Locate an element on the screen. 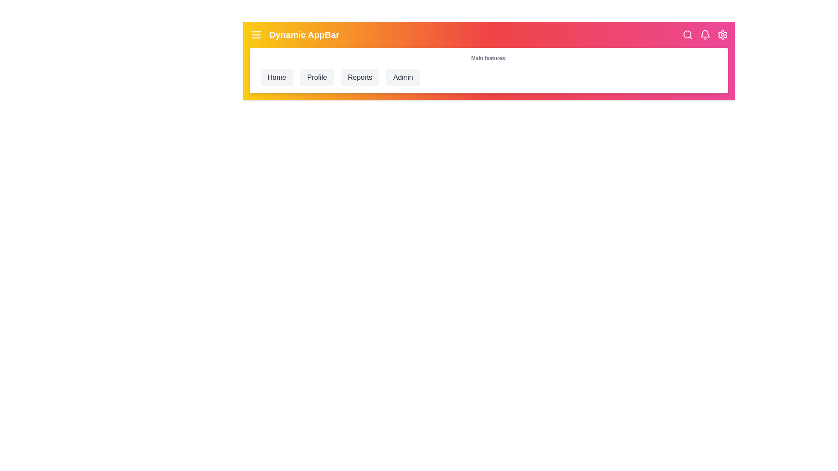 Image resolution: width=838 pixels, height=471 pixels. the Admin navigation menu item to navigate to its respective section is located at coordinates (403, 77).